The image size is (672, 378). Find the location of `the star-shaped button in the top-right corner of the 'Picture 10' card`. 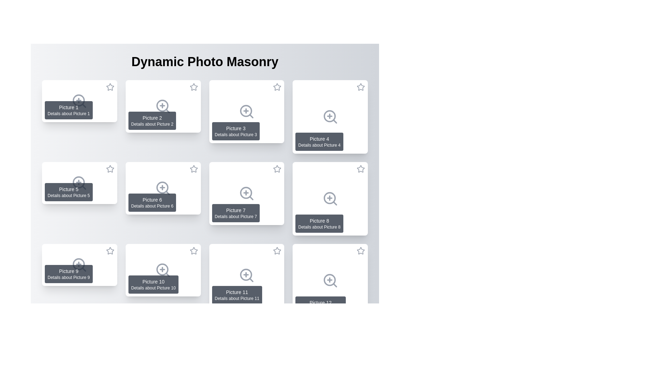

the star-shaped button in the top-right corner of the 'Picture 10' card is located at coordinates (194, 250).